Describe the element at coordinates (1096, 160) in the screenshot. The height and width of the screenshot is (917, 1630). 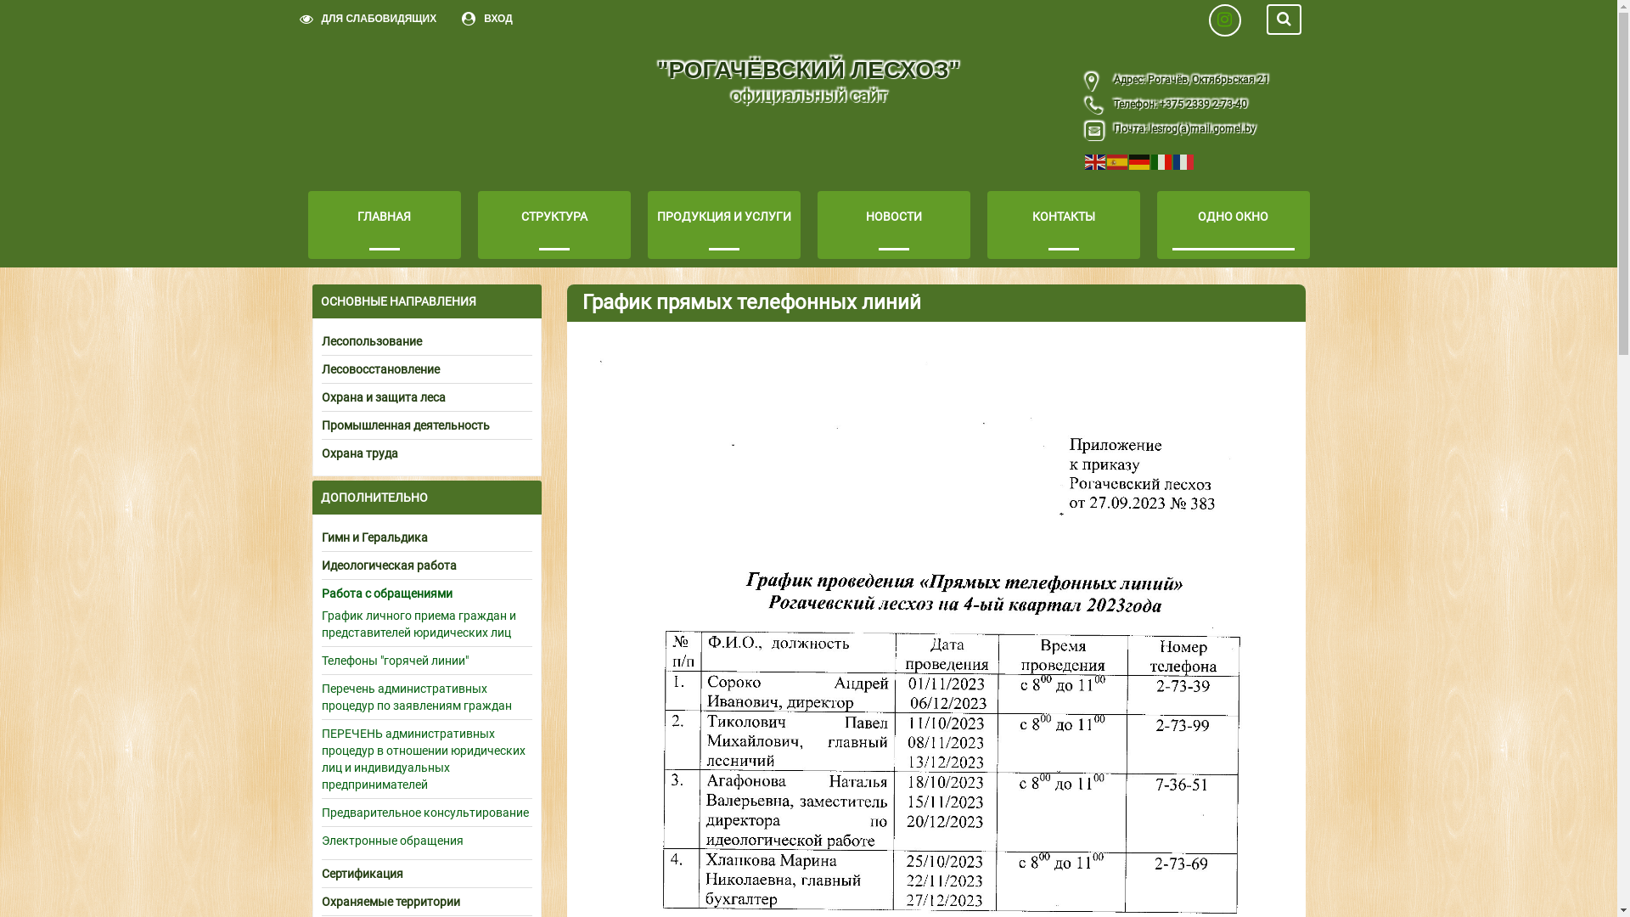
I see `'English'` at that location.